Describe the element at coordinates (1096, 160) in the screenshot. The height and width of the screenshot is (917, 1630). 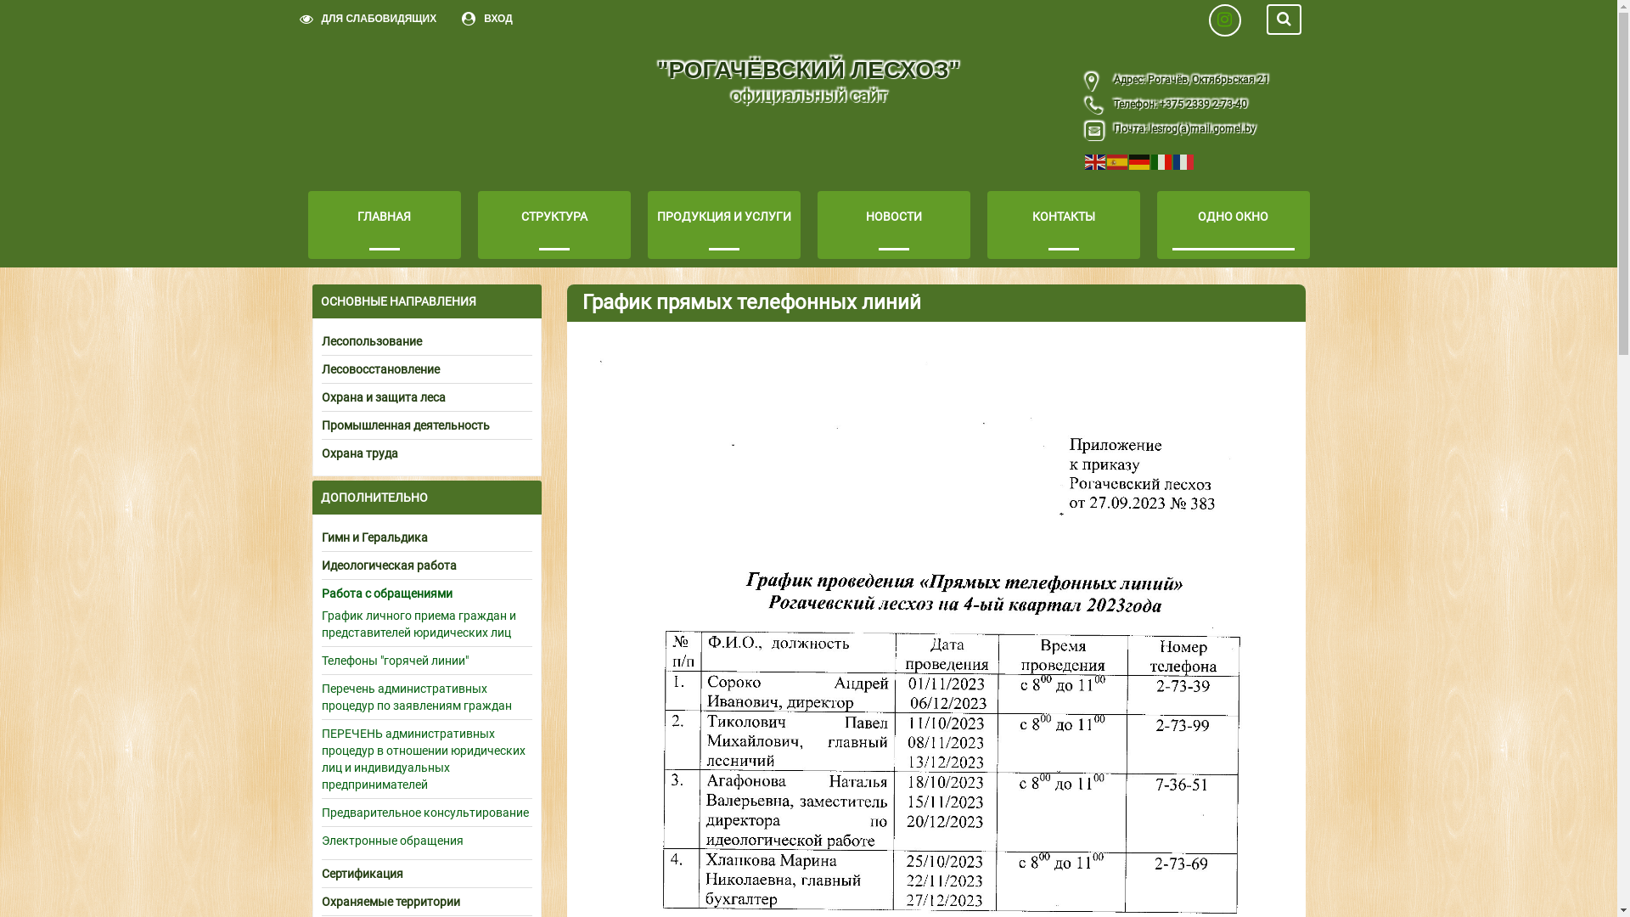
I see `'English'` at that location.